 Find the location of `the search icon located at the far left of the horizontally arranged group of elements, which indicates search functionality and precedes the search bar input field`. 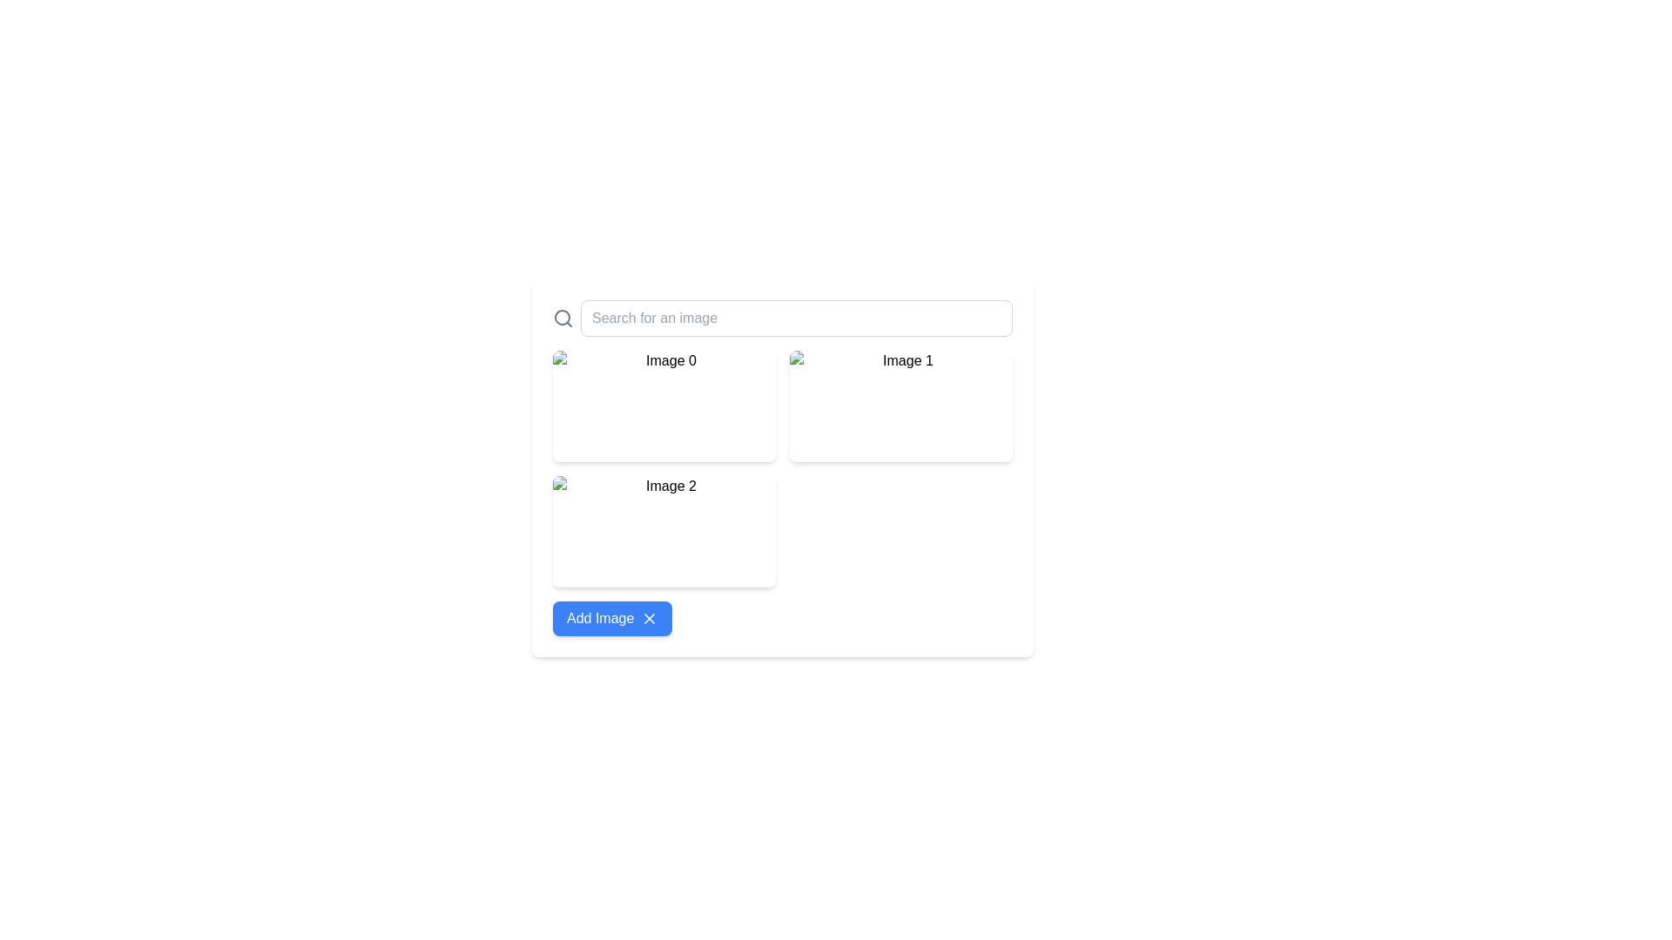

the search icon located at the far left of the horizontally arranged group of elements, which indicates search functionality and precedes the search bar input field is located at coordinates (563, 319).